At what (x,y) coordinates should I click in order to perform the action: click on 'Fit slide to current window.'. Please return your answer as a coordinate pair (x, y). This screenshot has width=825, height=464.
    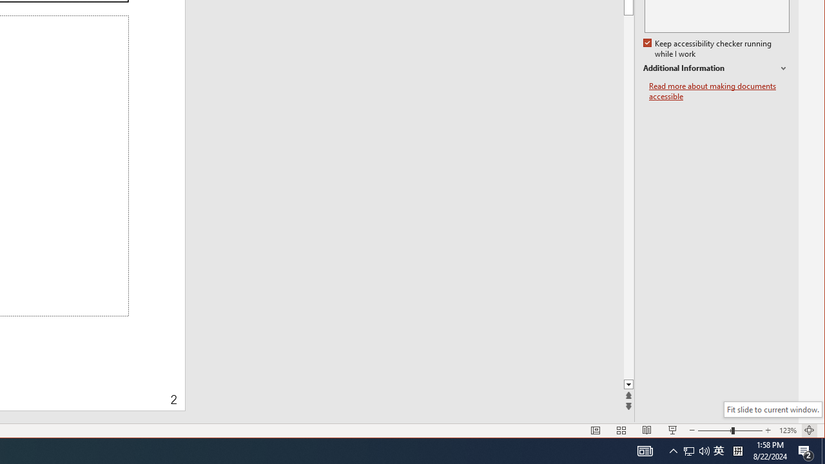
    Looking at the image, I should click on (773, 409).